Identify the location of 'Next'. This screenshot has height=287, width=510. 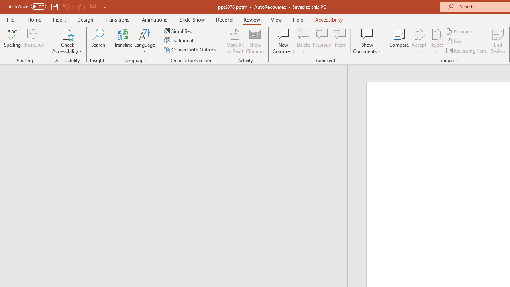
(456, 41).